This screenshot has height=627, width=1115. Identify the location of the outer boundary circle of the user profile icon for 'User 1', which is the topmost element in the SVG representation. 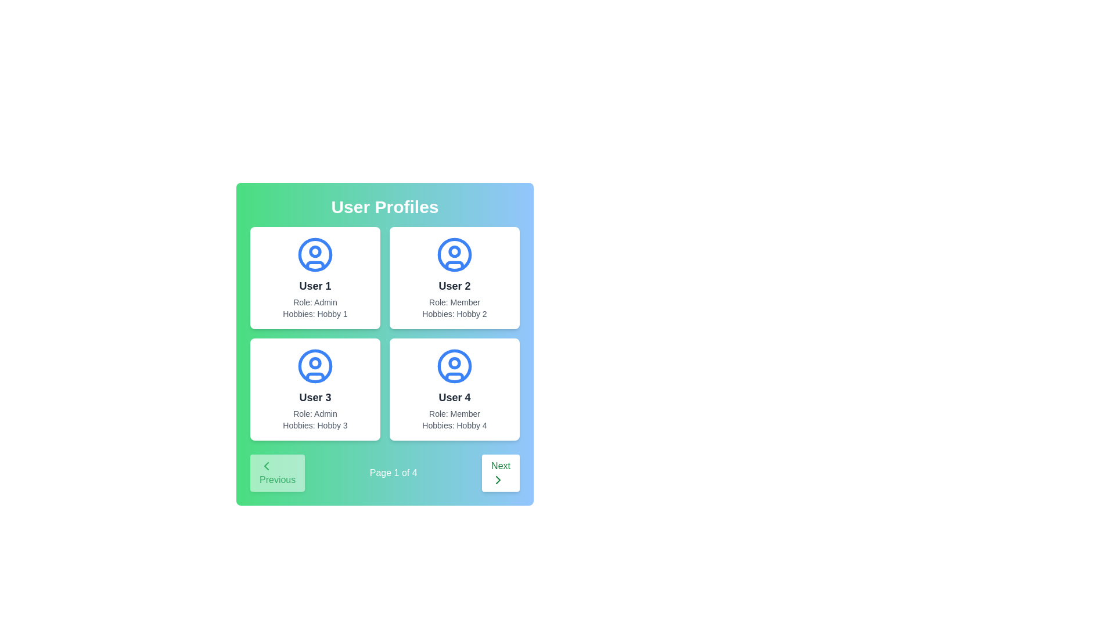
(315, 254).